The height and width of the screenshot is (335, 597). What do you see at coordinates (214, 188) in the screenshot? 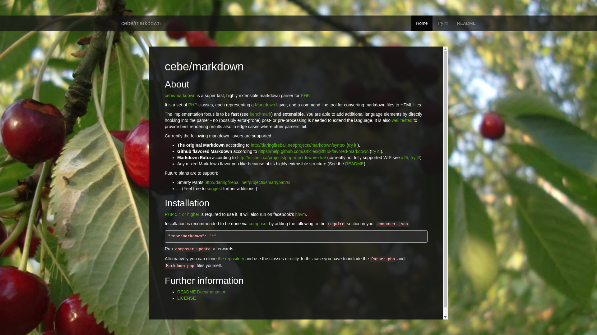
I see `'suggest'` at bounding box center [214, 188].